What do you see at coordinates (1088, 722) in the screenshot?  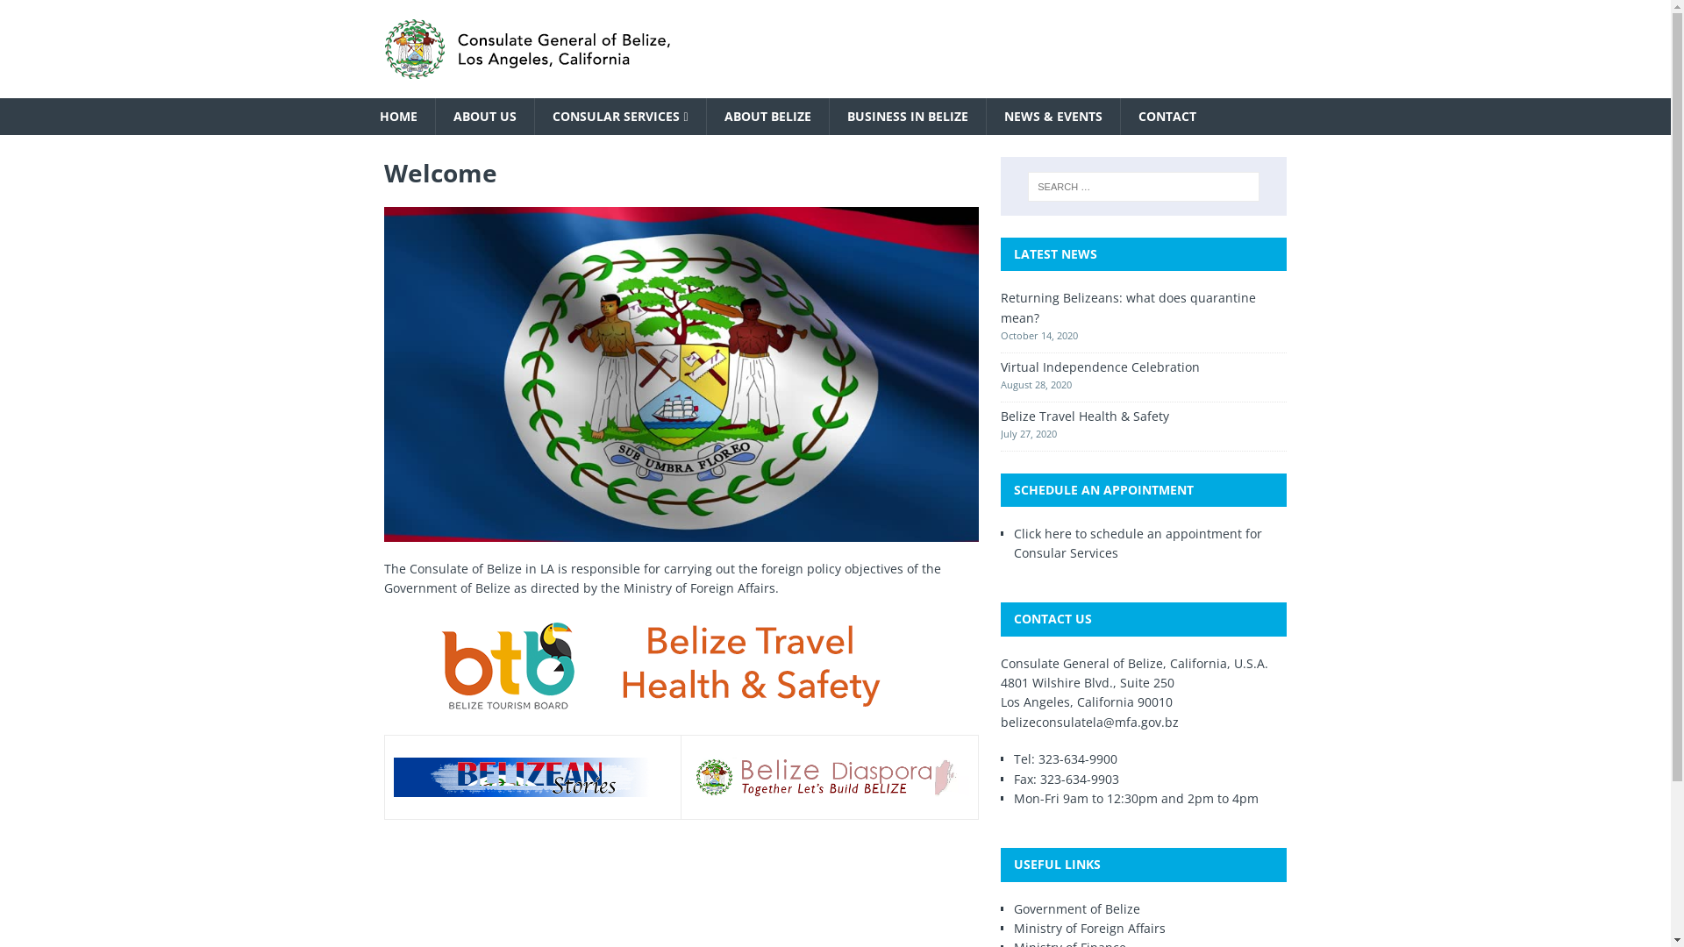 I see `'belizeconsulatela@mfa.gov.bz'` at bounding box center [1088, 722].